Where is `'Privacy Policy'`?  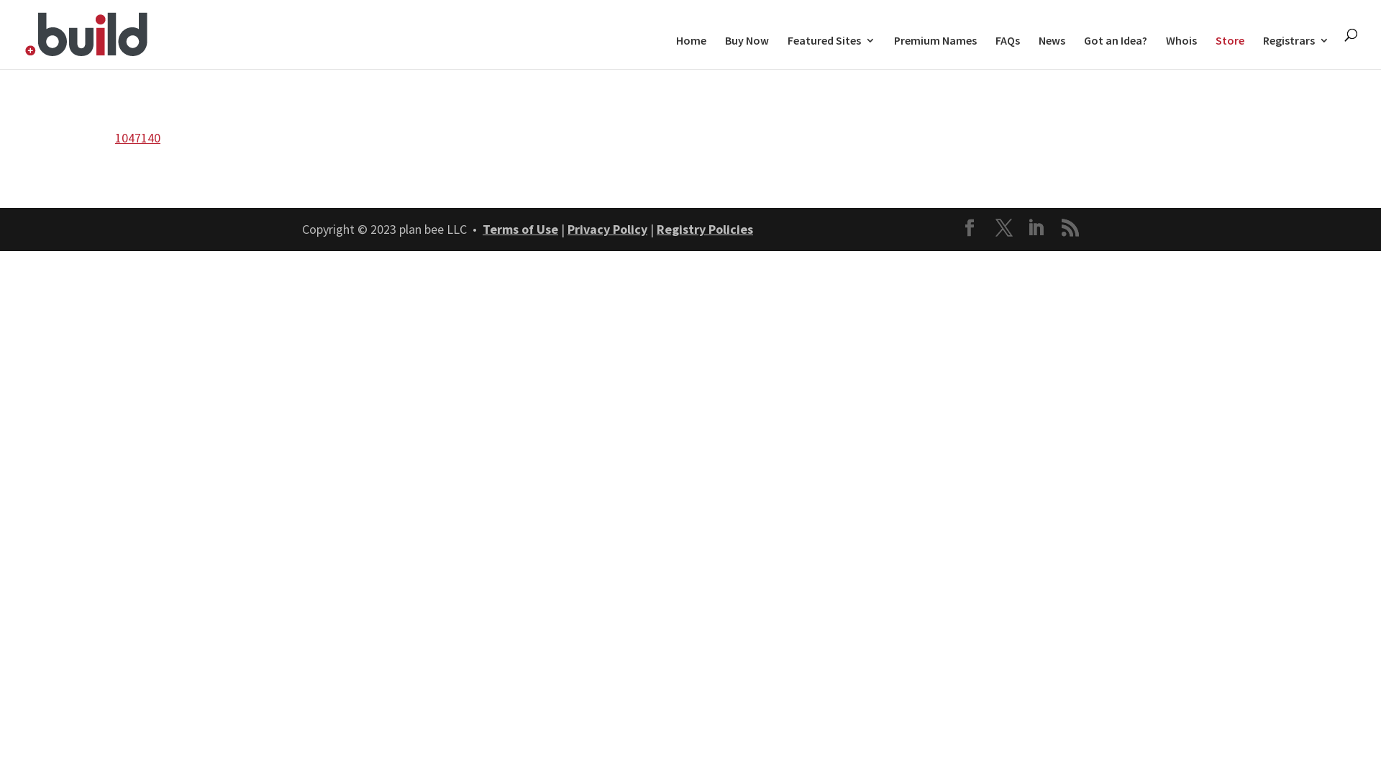
'Privacy Policy' is located at coordinates (566, 228).